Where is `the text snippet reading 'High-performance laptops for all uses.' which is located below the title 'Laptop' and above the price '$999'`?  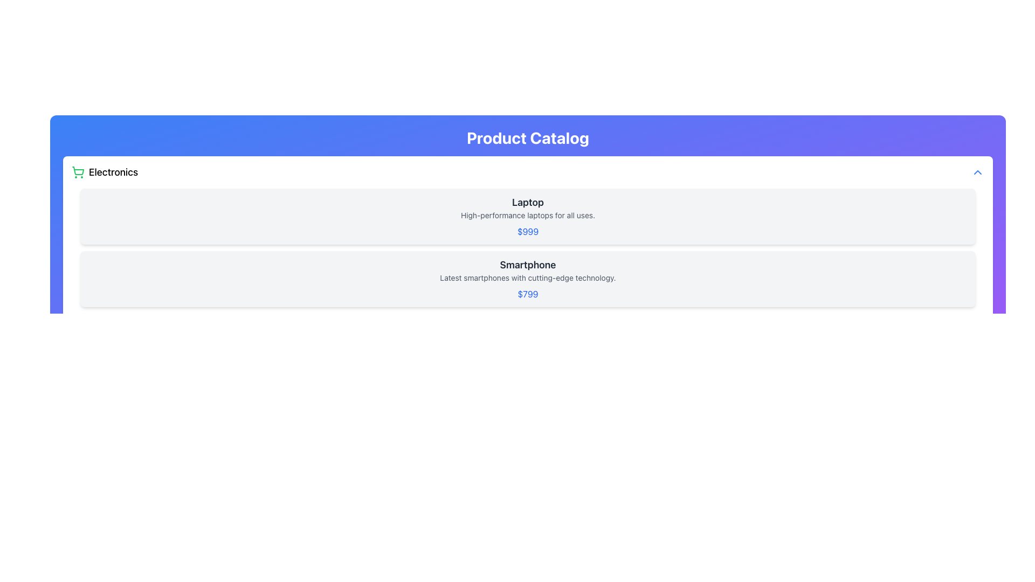 the text snippet reading 'High-performance laptops for all uses.' which is located below the title 'Laptop' and above the price '$999' is located at coordinates (528, 216).